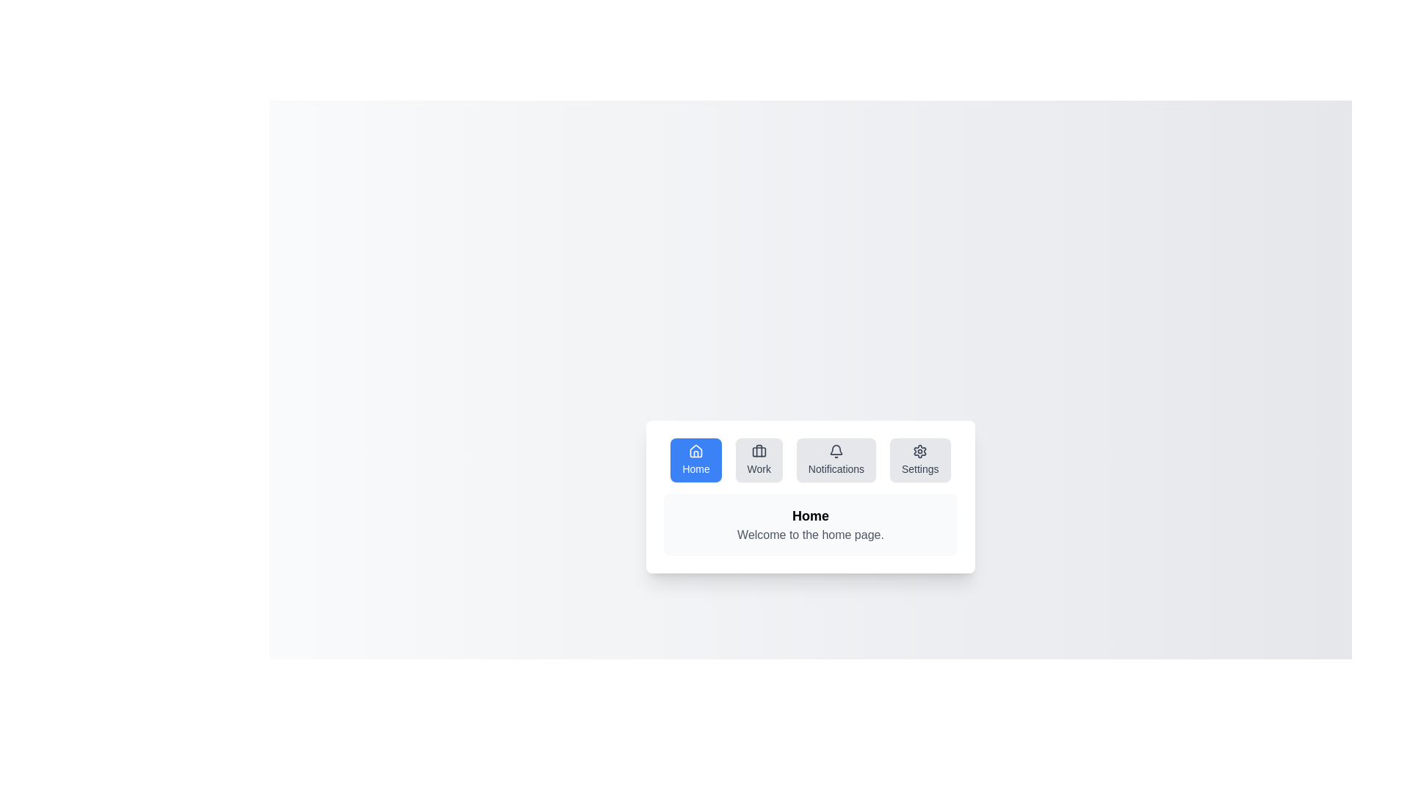 Image resolution: width=1410 pixels, height=793 pixels. Describe the element at coordinates (695, 450) in the screenshot. I see `the 'Home' icon in the navigation bar` at that location.